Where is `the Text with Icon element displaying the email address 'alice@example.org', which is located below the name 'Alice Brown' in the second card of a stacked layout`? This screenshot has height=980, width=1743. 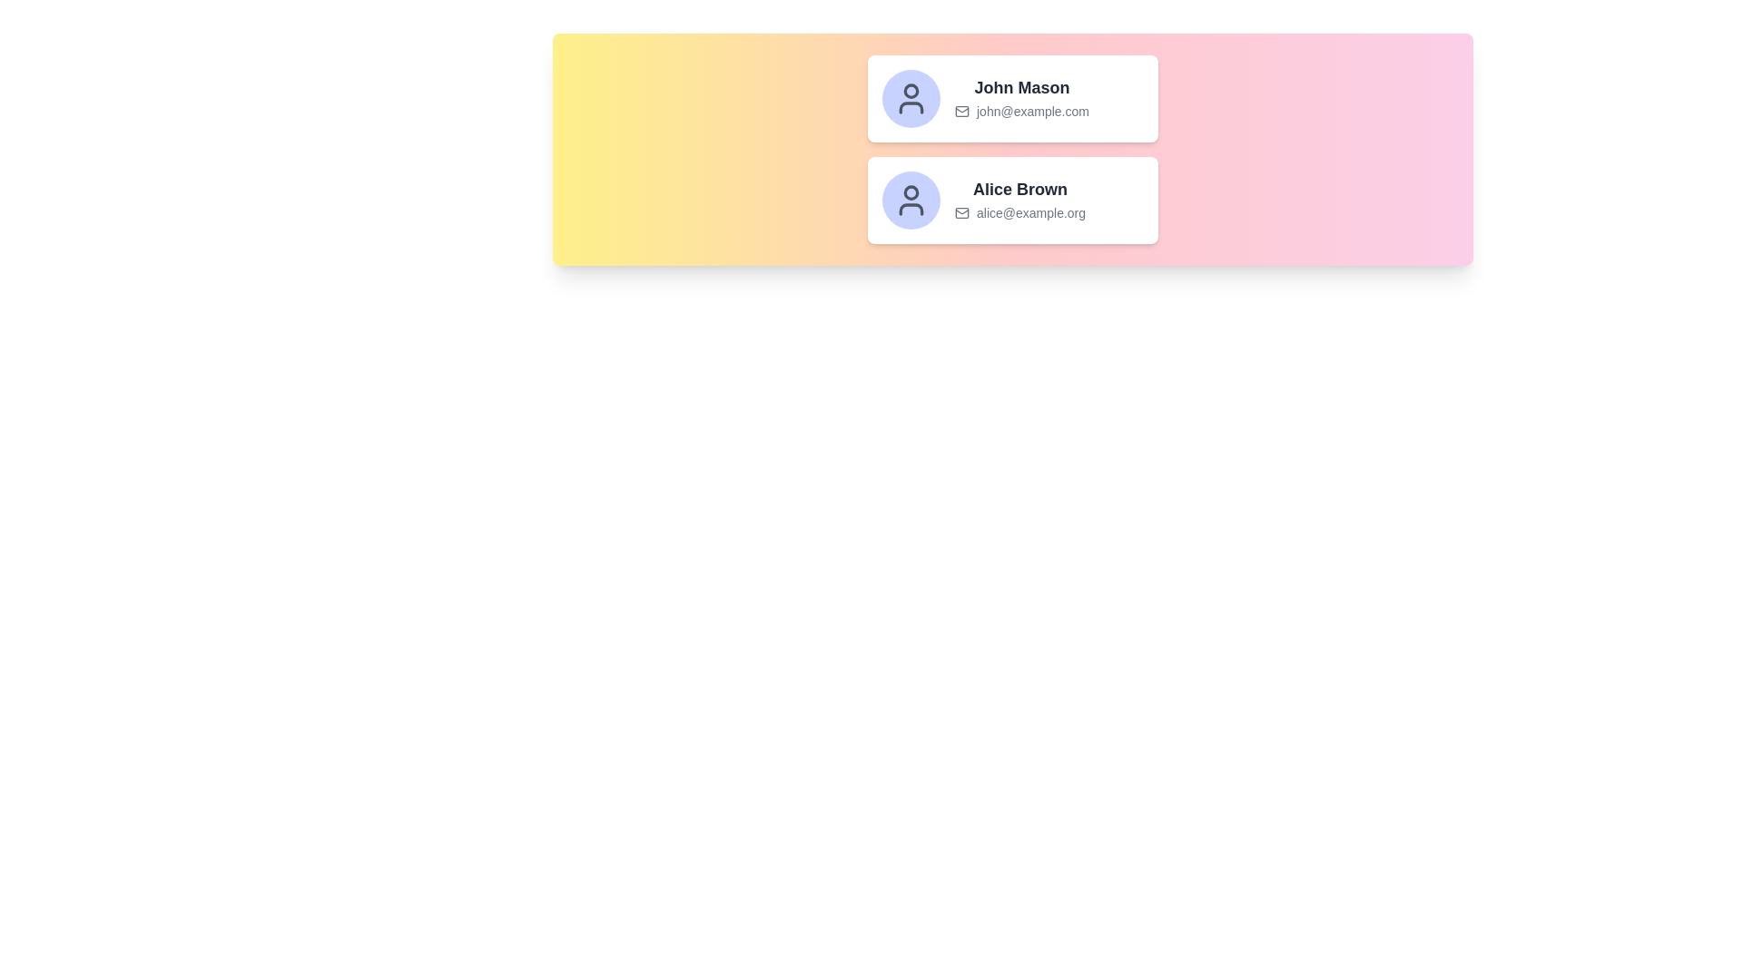
the Text with Icon element displaying the email address 'alice@example.org', which is located below the name 'Alice Brown' in the second card of a stacked layout is located at coordinates (1019, 212).